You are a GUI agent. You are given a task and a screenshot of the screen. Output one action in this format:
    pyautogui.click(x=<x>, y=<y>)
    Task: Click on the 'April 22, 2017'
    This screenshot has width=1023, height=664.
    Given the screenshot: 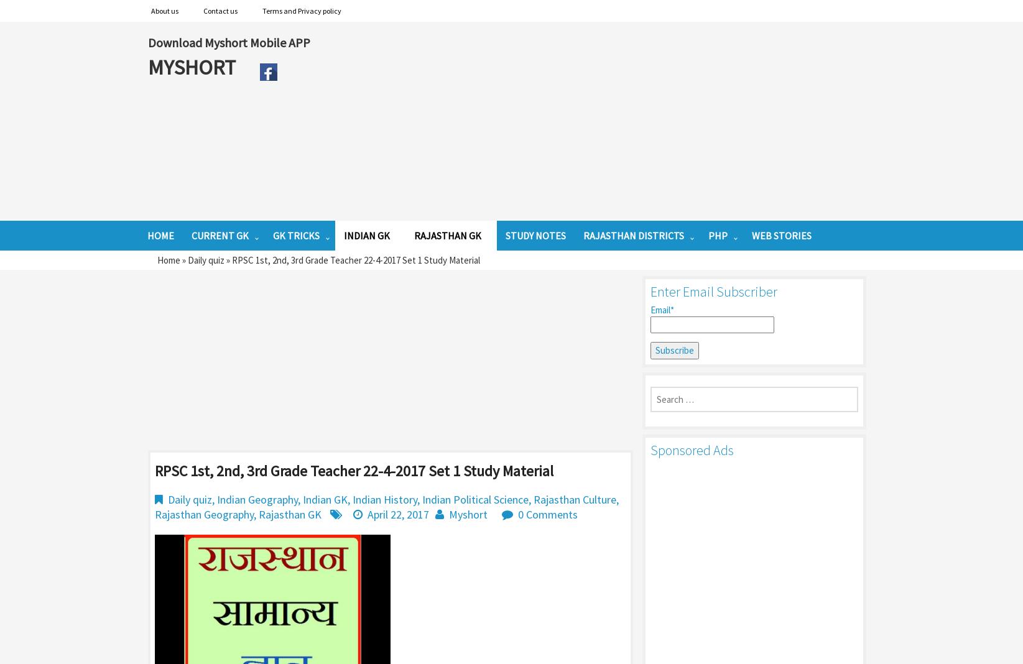 What is the action you would take?
    pyautogui.click(x=397, y=513)
    